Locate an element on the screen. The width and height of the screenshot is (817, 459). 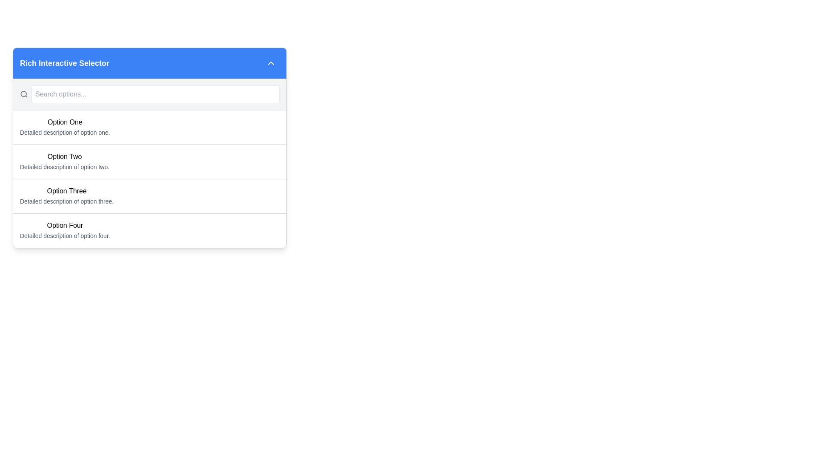
the chevron-up icon located in the top-right corner of the blue header bar labeled 'Rich Interactive Selector' is located at coordinates (271, 63).